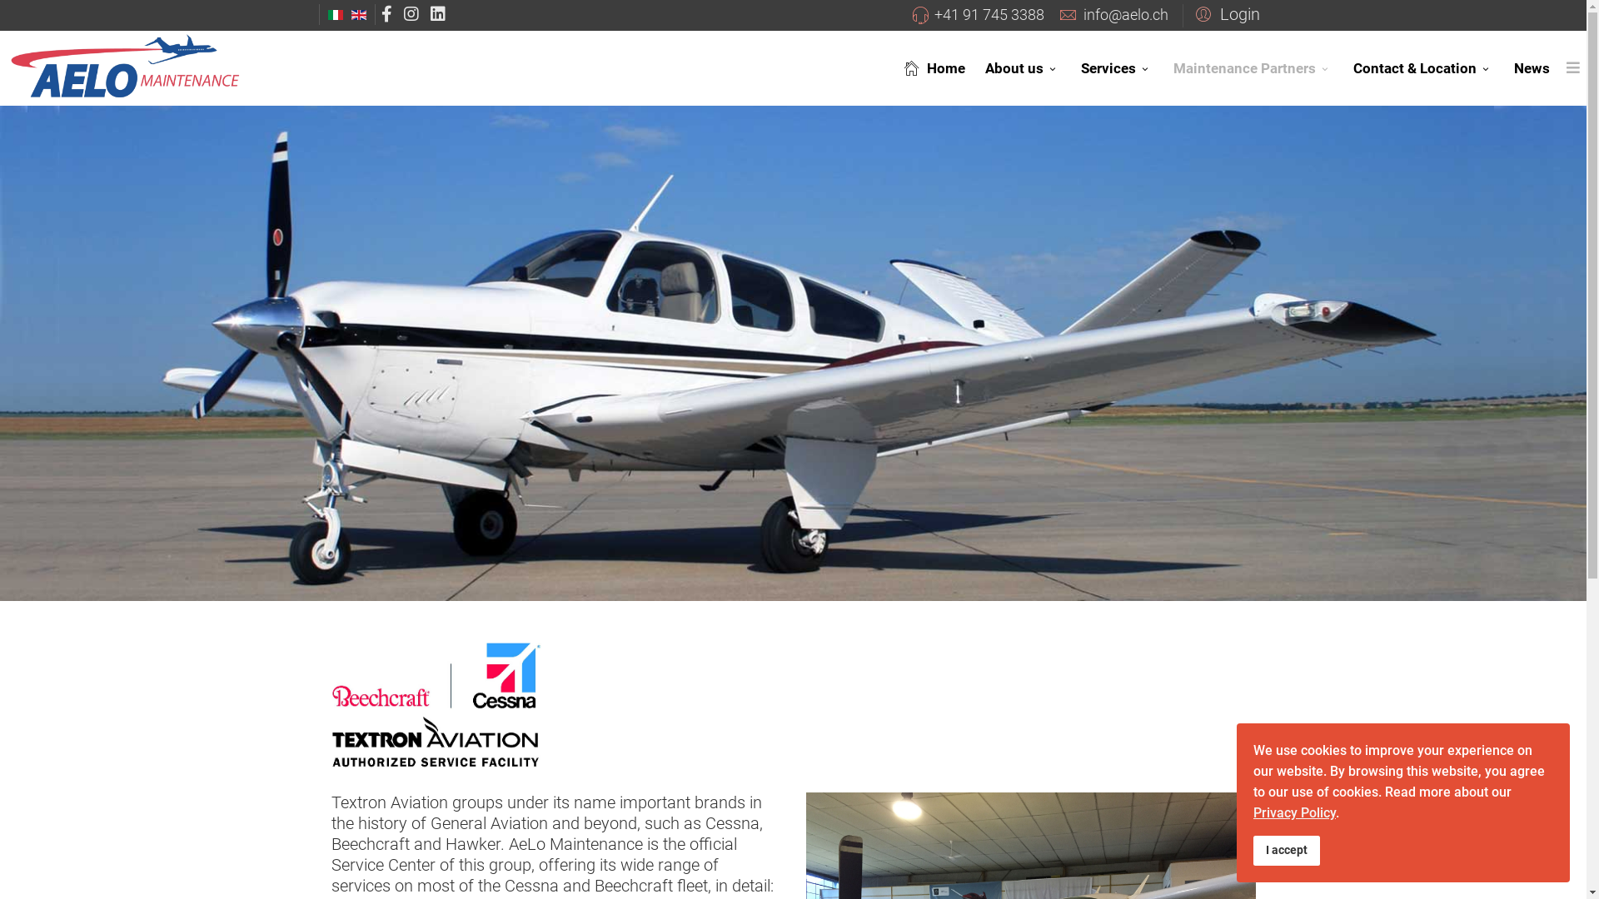 The height and width of the screenshot is (899, 1599). I want to click on 'info@aelo.ch', so click(1124, 14).